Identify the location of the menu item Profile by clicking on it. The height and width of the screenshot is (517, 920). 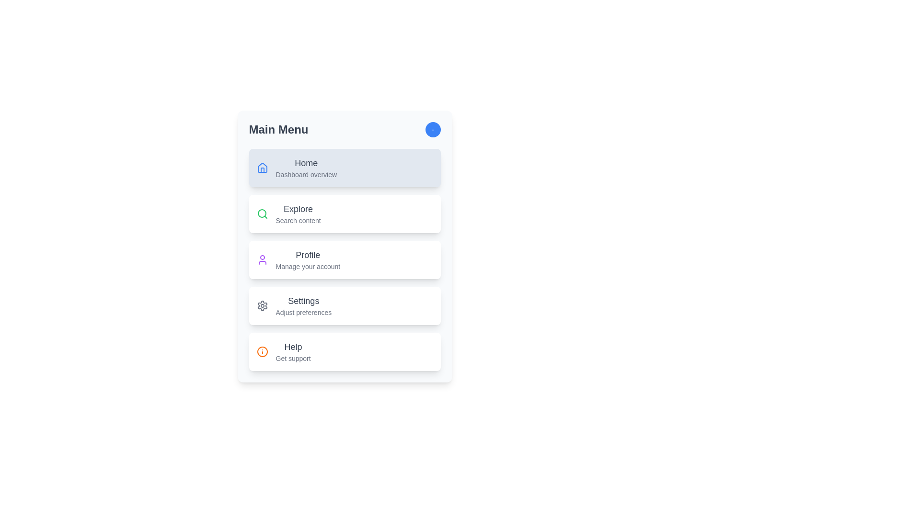
(345, 260).